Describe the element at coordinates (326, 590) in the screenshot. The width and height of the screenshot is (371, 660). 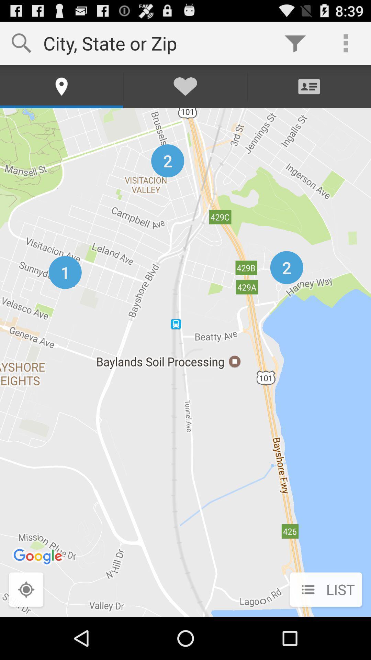
I see `list at the bottom right corner` at that location.